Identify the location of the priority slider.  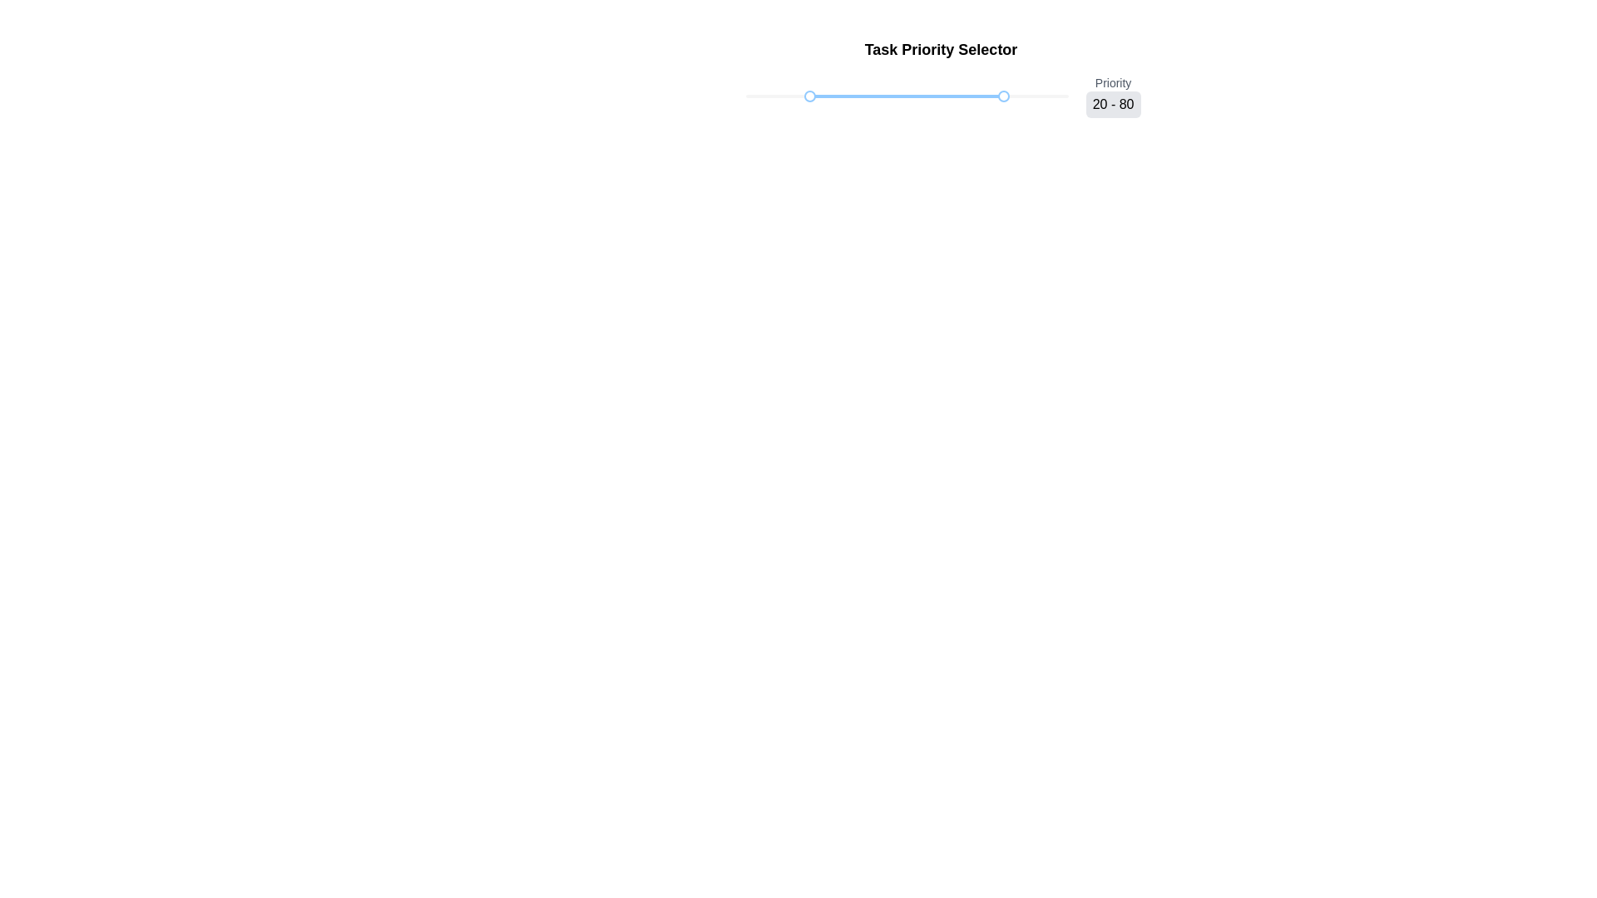
(950, 96).